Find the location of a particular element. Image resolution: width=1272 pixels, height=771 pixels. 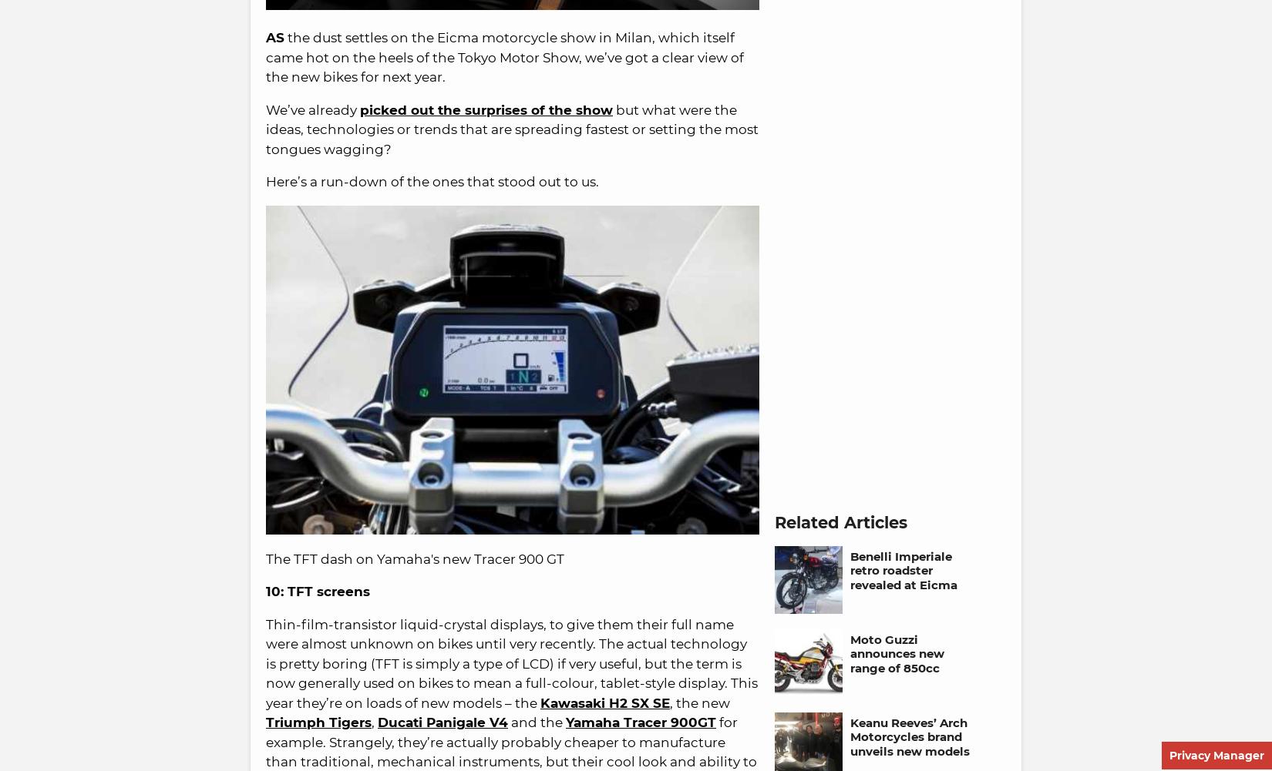

'Benelli Imperiale retro roadster revealed at Eicma' is located at coordinates (904, 570).